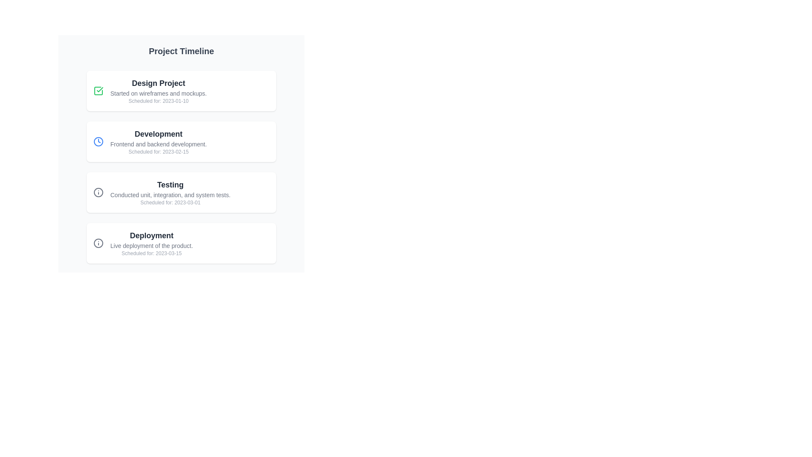  What do you see at coordinates (181, 91) in the screenshot?
I see `the task item for 'Design Project' located below the heading 'Project Timeline'` at bounding box center [181, 91].